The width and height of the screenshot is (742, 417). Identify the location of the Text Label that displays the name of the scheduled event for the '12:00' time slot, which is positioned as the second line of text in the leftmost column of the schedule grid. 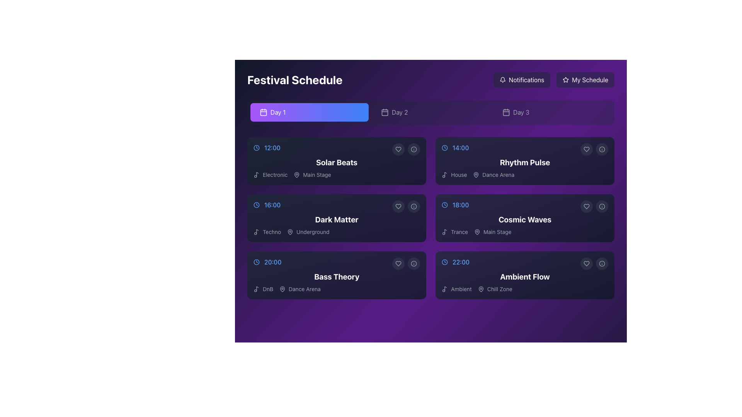
(337, 162).